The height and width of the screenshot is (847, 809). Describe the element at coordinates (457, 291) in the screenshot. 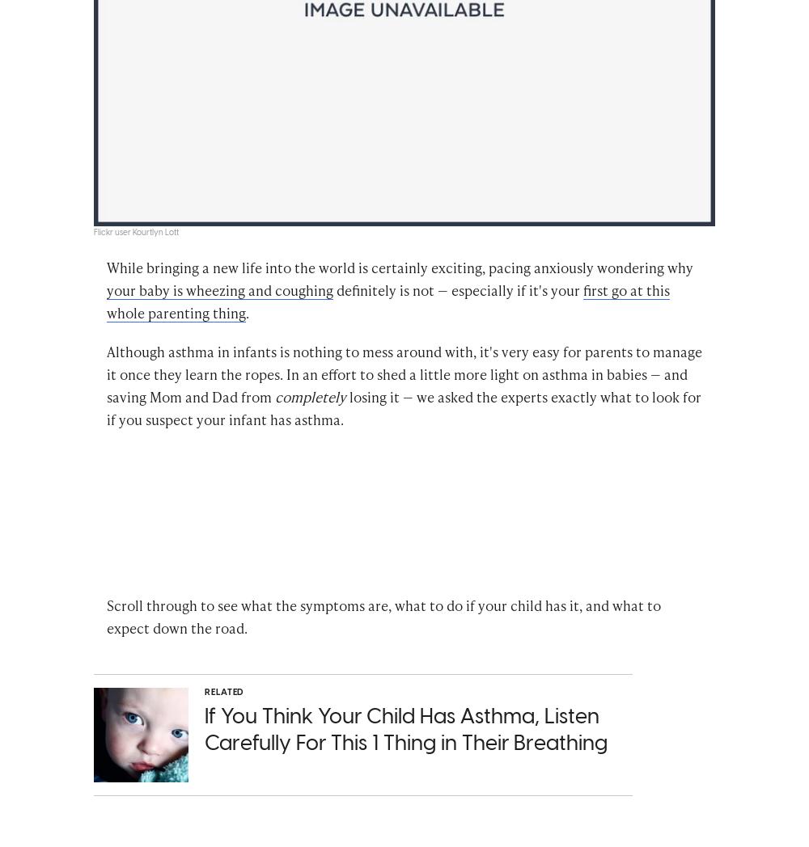

I see `'definitely is not — especially if it's your'` at that location.